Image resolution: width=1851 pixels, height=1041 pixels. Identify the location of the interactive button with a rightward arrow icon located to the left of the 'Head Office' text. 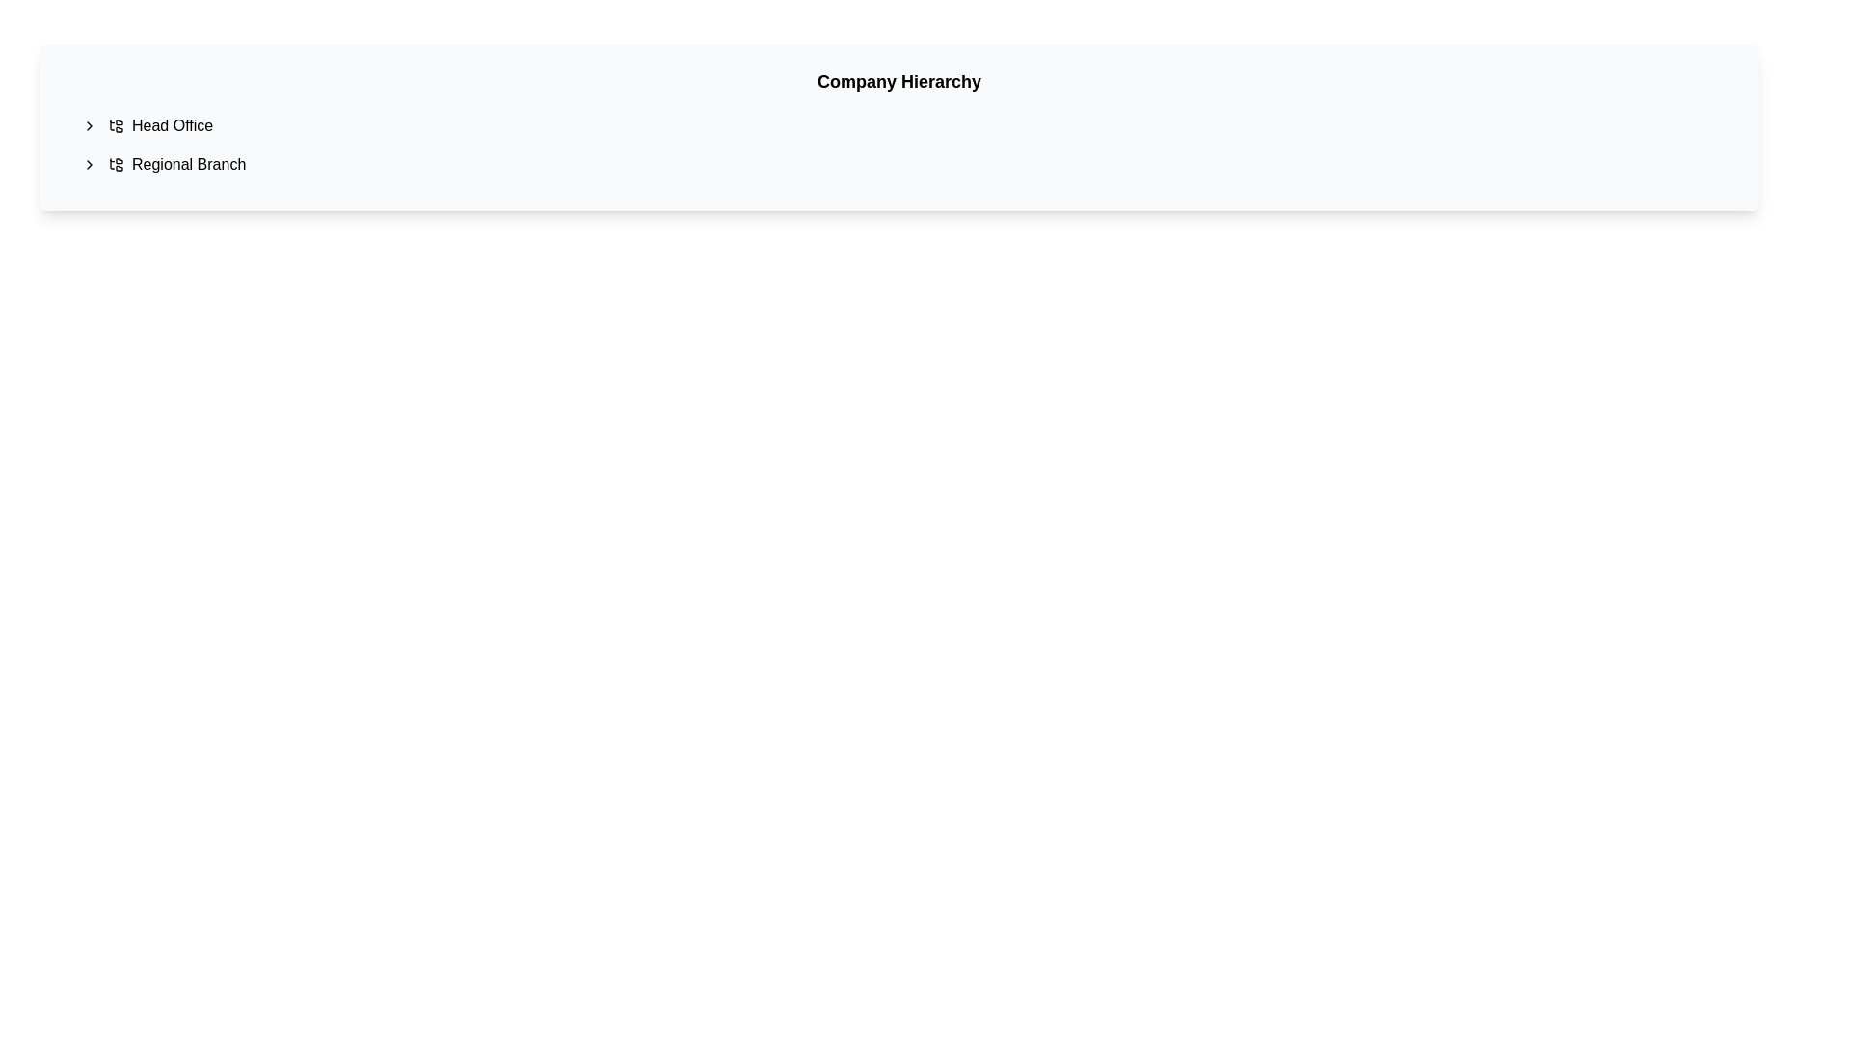
(88, 126).